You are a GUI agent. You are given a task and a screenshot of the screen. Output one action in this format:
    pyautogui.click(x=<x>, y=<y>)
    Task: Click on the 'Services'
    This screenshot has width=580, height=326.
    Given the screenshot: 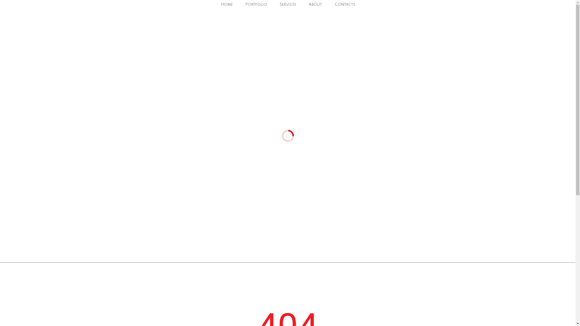 What is the action you would take?
    pyautogui.click(x=288, y=5)
    